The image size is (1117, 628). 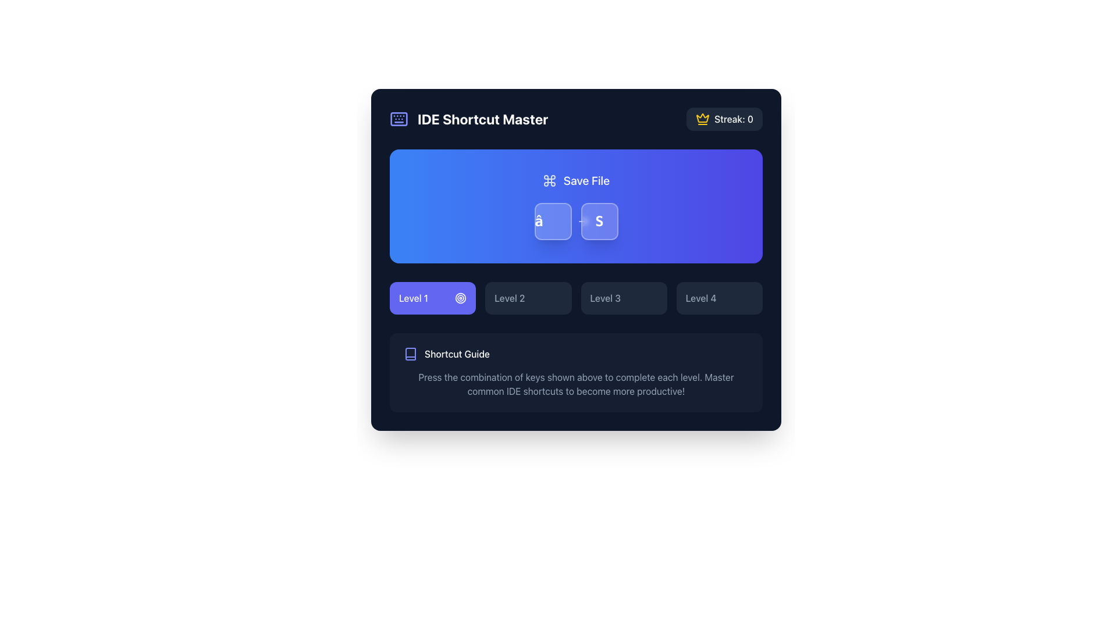 I want to click on the outermost SVG Circle within the target icon, which is part of the 'Level 1' button in the lower tab row, so click(x=460, y=298).